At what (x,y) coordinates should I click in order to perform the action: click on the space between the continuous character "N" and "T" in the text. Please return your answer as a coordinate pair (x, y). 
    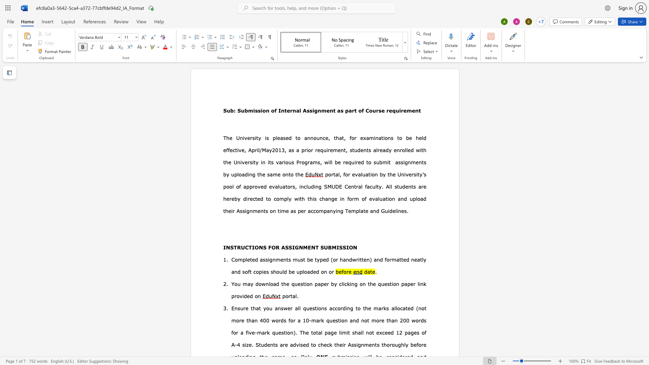
    Looking at the image, I should click on (315, 247).